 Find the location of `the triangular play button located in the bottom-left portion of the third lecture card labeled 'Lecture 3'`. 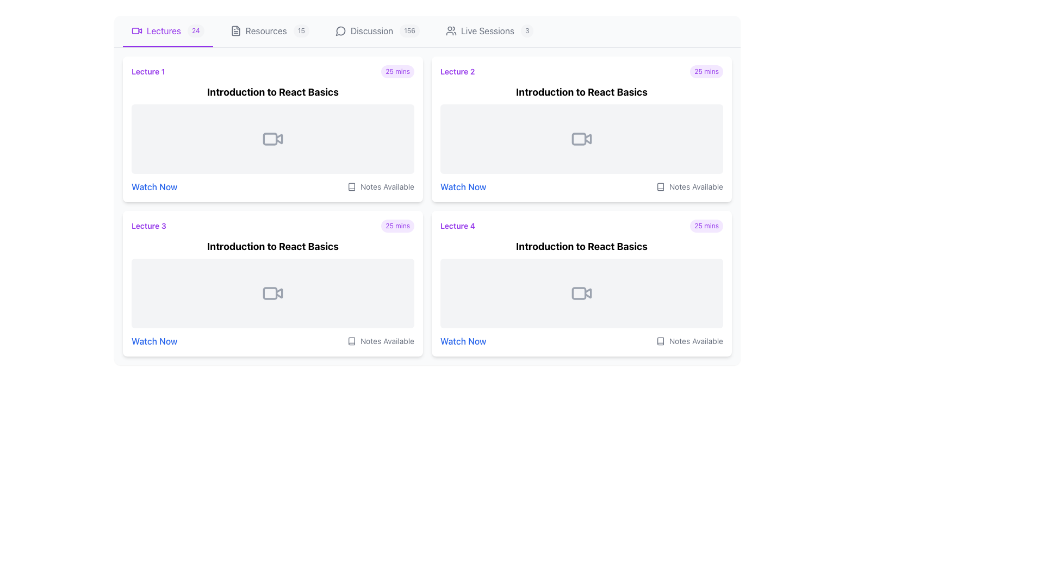

the triangular play button located in the bottom-left portion of the third lecture card labeled 'Lecture 3' is located at coordinates (279, 293).